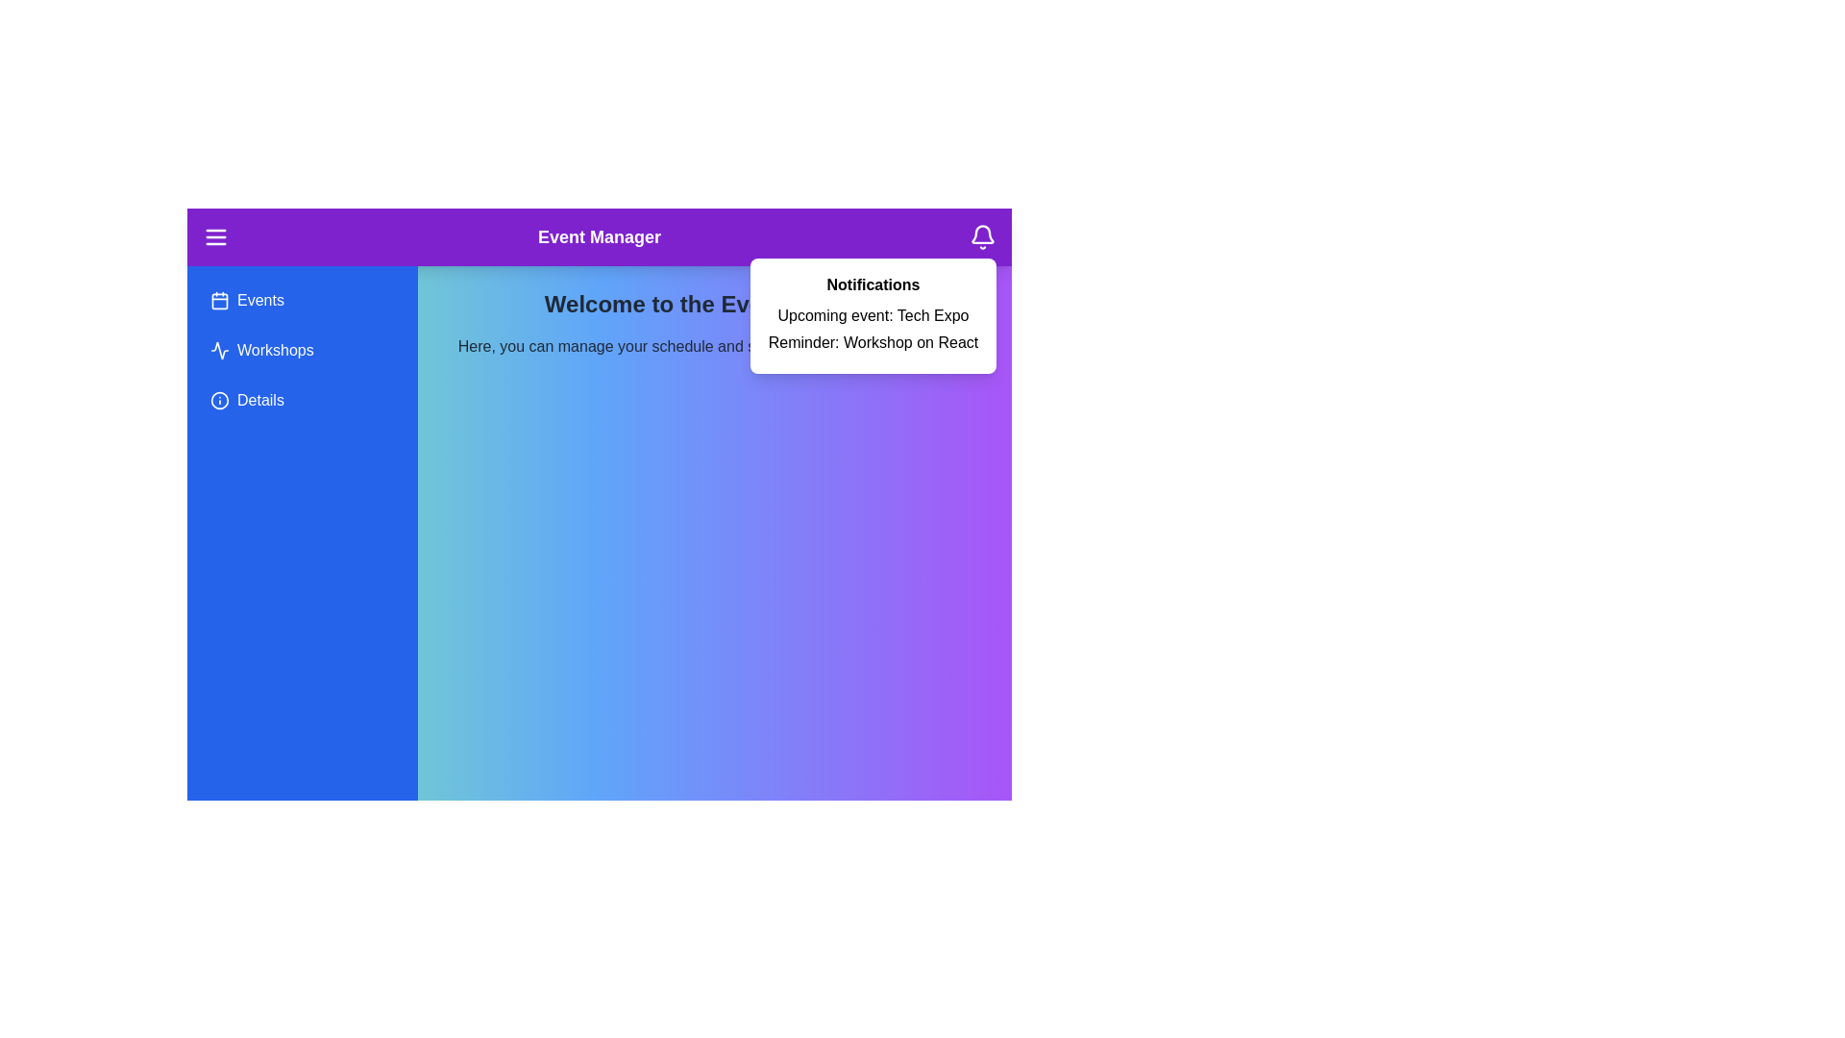 The image size is (1845, 1038). What do you see at coordinates (216, 235) in the screenshot?
I see `the menu icon to toggle the menu visibility` at bounding box center [216, 235].